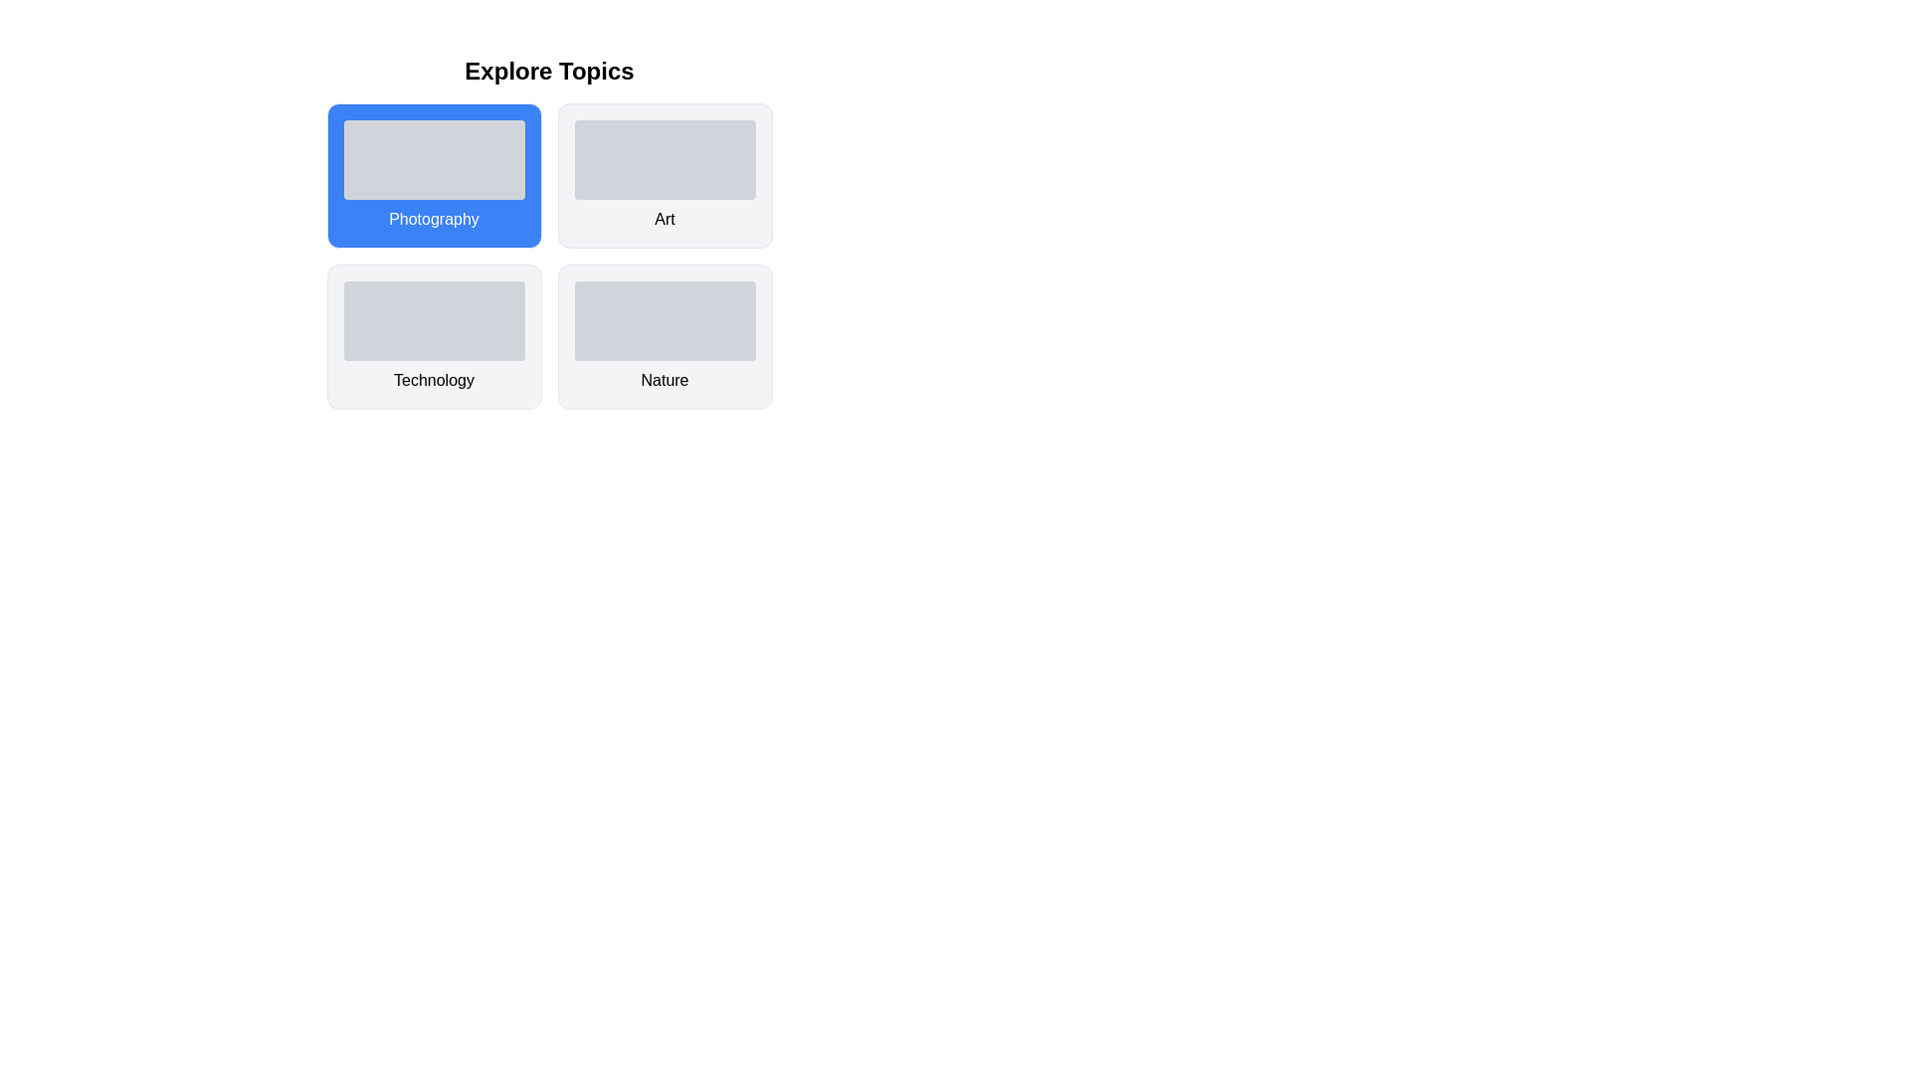 This screenshot has width=1910, height=1074. Describe the element at coordinates (433, 336) in the screenshot. I see `the card labeled Technology` at that location.